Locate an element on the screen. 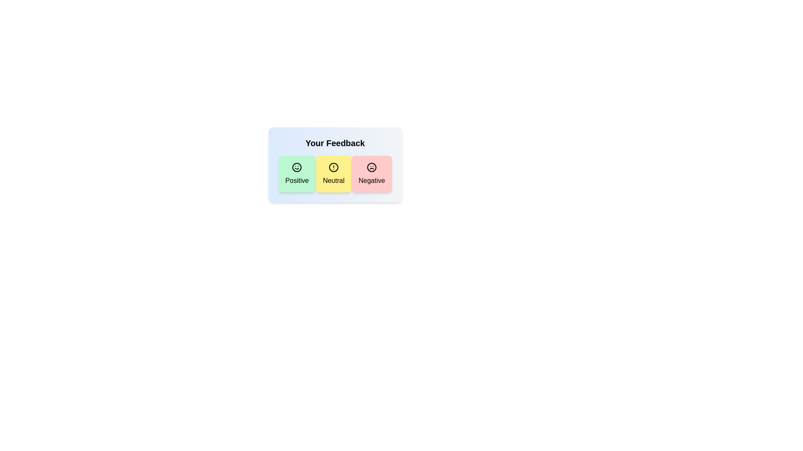 This screenshot has height=451, width=803. the positive feedback text label, which is the first button in the sentiment feedback group, located to the left of the 'Neutral' and 'Negative' buttons is located at coordinates (297, 180).